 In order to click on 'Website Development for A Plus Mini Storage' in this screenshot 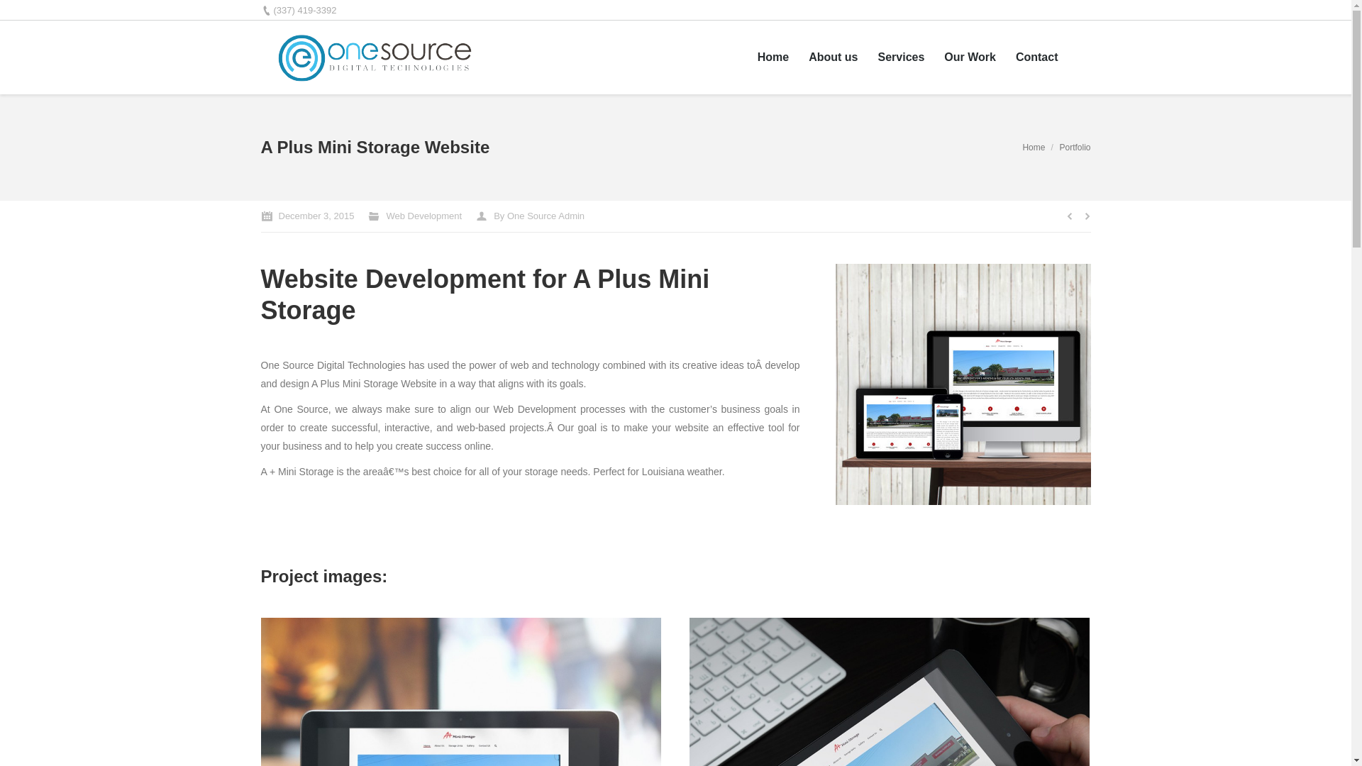, I will do `click(485, 294)`.